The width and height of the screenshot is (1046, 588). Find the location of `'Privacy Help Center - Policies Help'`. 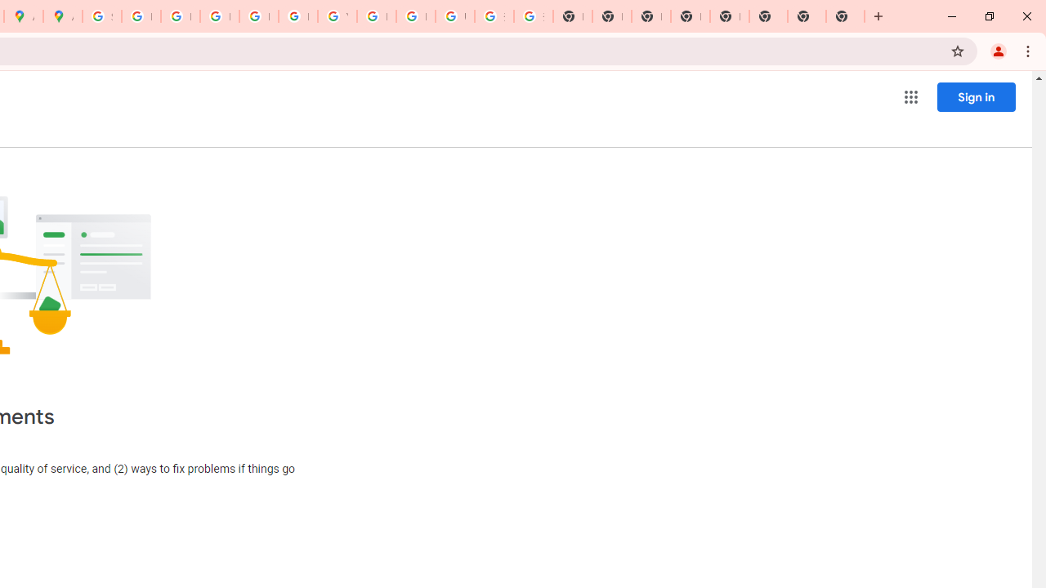

'Privacy Help Center - Policies Help' is located at coordinates (180, 16).